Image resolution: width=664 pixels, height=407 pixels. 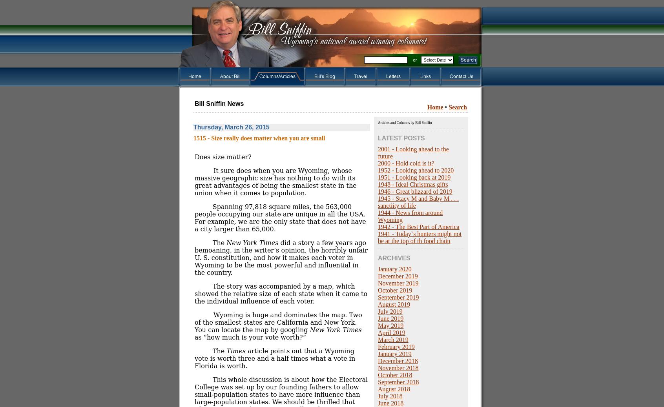 I want to click on '1948 - Ideal Christmas gifts', so click(x=378, y=184).